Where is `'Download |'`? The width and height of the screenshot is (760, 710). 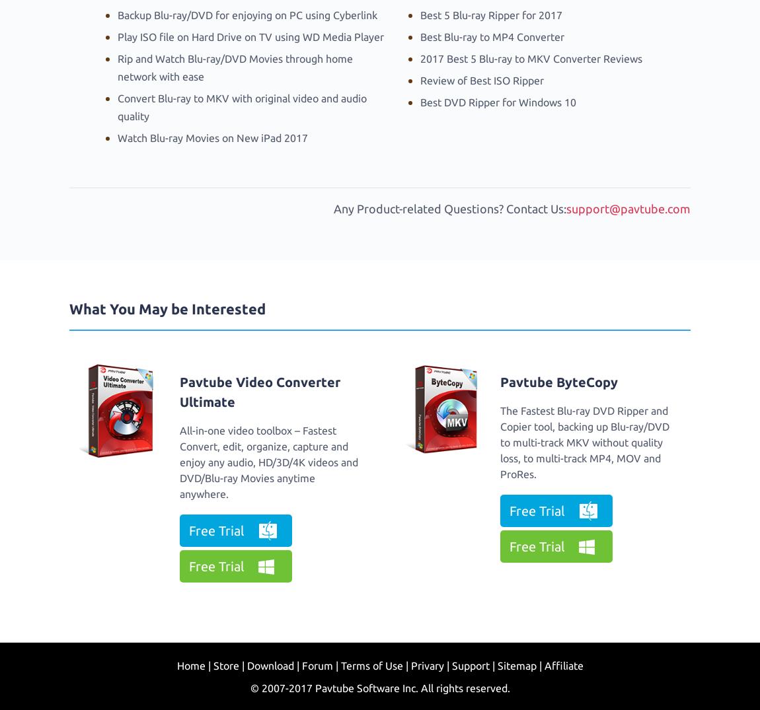 'Download |' is located at coordinates (272, 665).